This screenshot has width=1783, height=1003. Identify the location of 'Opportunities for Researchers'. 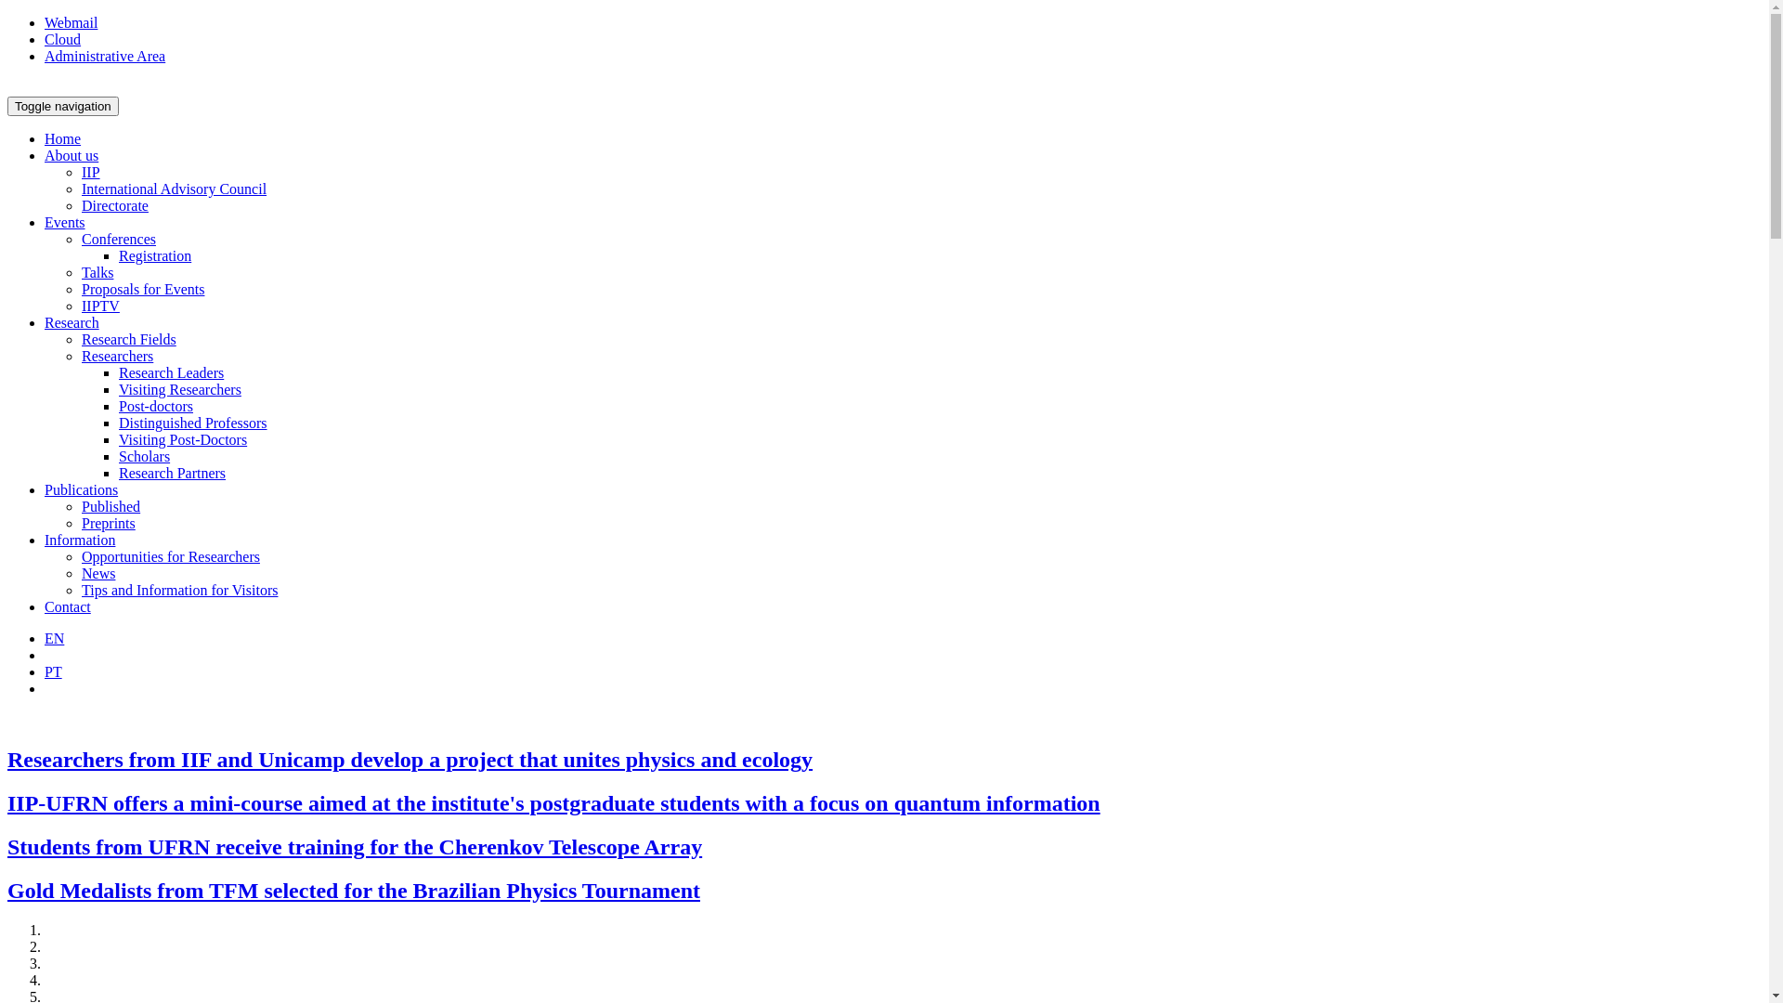
(80, 555).